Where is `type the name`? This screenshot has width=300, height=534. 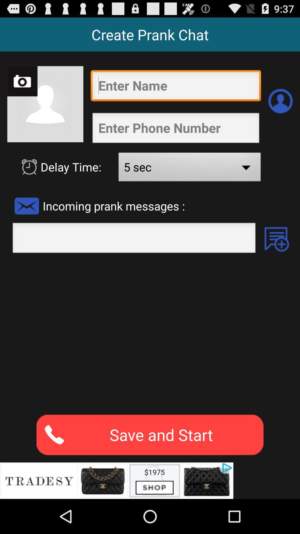
type the name is located at coordinates (176, 87).